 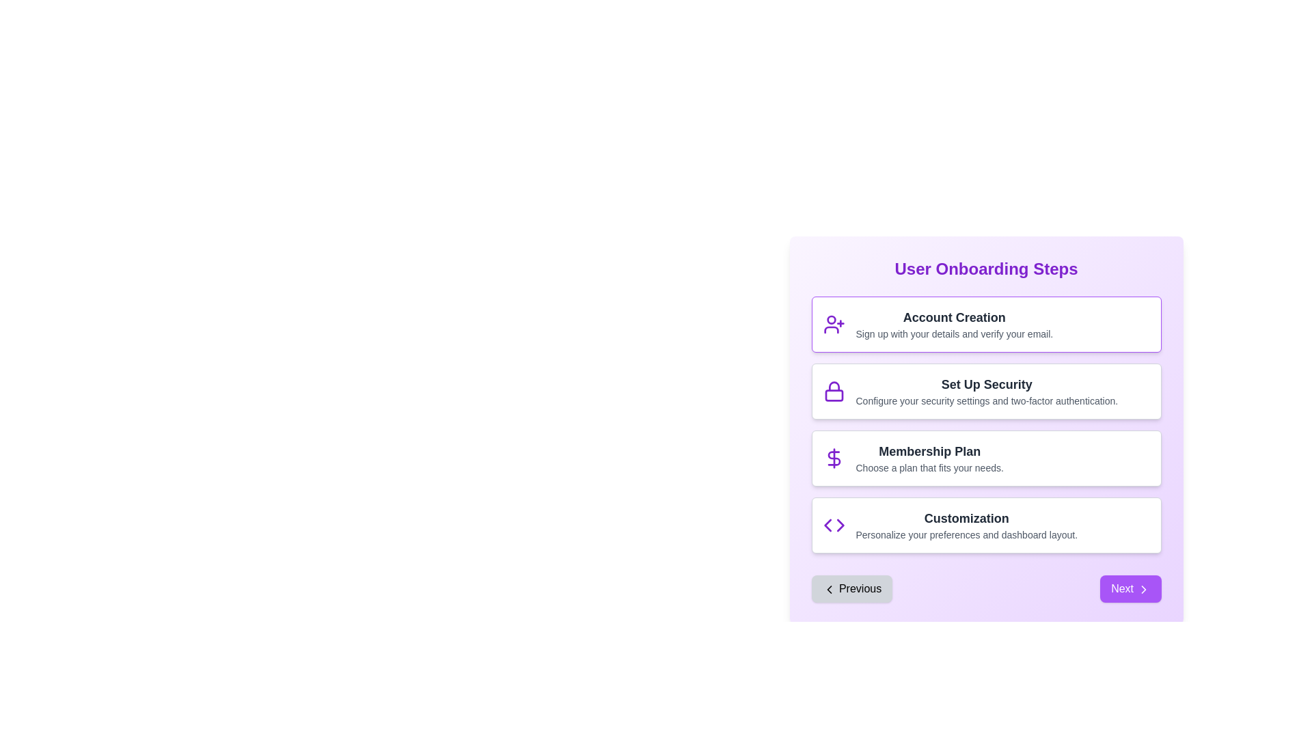 I want to click on the bold, dark gray text label reading 'Customization' that is styled prominently within a light purple card, serving as a section title in the User Onboarding Steps, so click(x=966, y=519).